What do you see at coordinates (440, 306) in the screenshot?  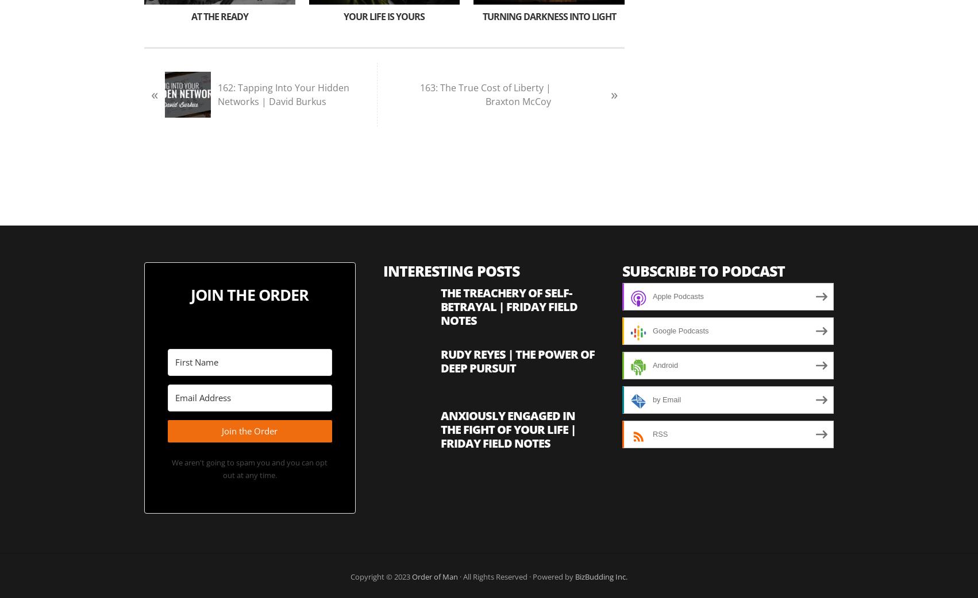 I see `'The Treachery of Self-Betrayal | FRIDAY FIELD NOTES'` at bounding box center [440, 306].